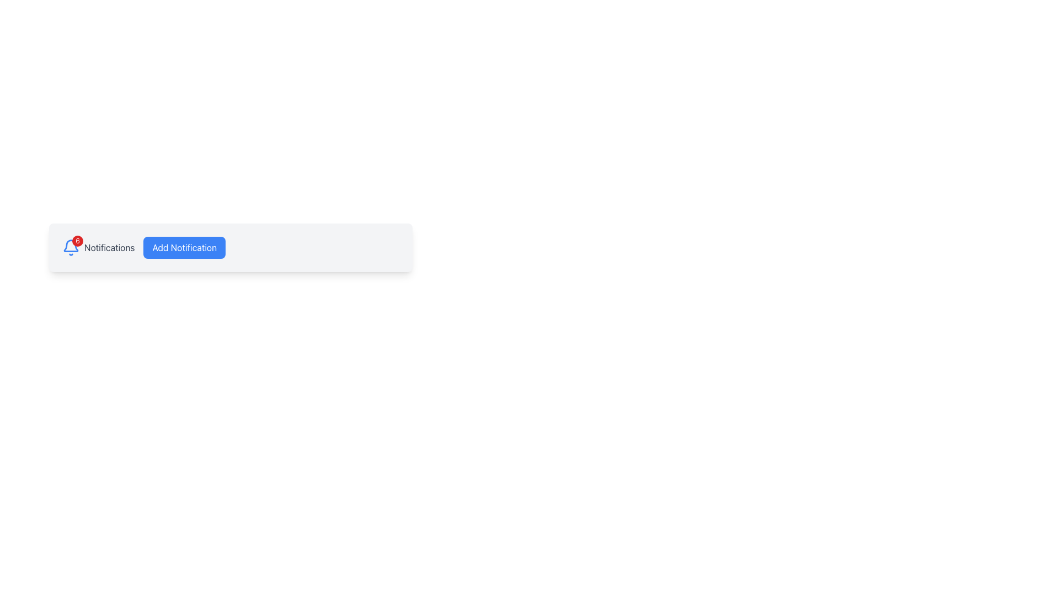  What do you see at coordinates (77, 240) in the screenshot?
I see `the small circular badge with a red background and white text displaying the number '6', which is positioned at the top-right corner of the notification bell icon` at bounding box center [77, 240].